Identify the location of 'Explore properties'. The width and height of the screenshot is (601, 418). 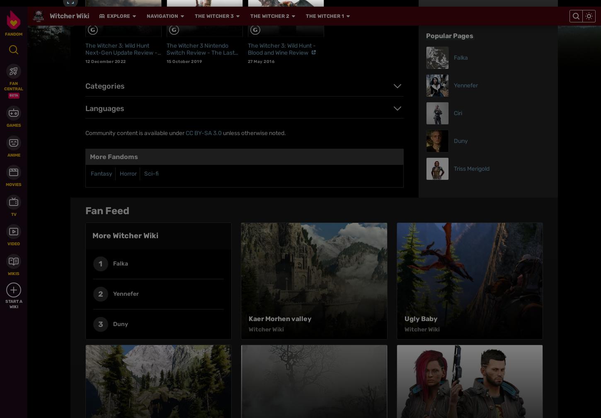
(138, 262).